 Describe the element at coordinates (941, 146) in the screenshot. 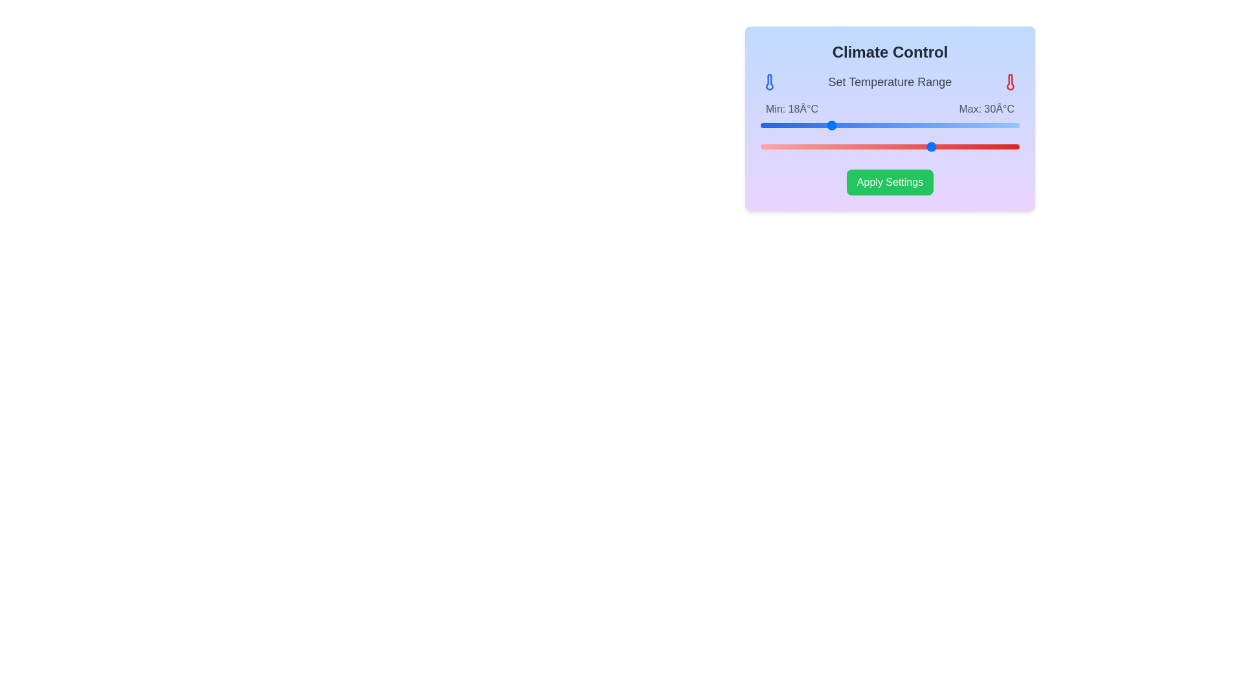

I see `the maximum temperature range to 31°C using the right slider` at that location.